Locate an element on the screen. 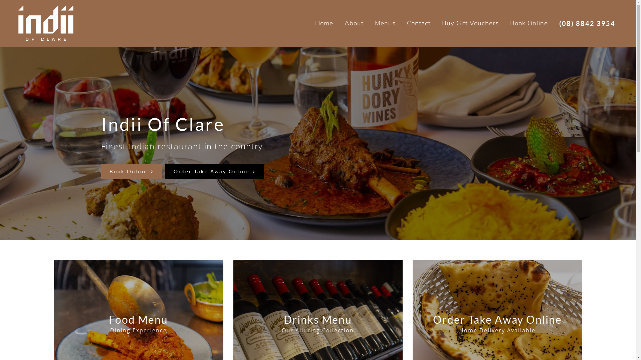 Image resolution: width=641 pixels, height=360 pixels. 'About' is located at coordinates (354, 23).